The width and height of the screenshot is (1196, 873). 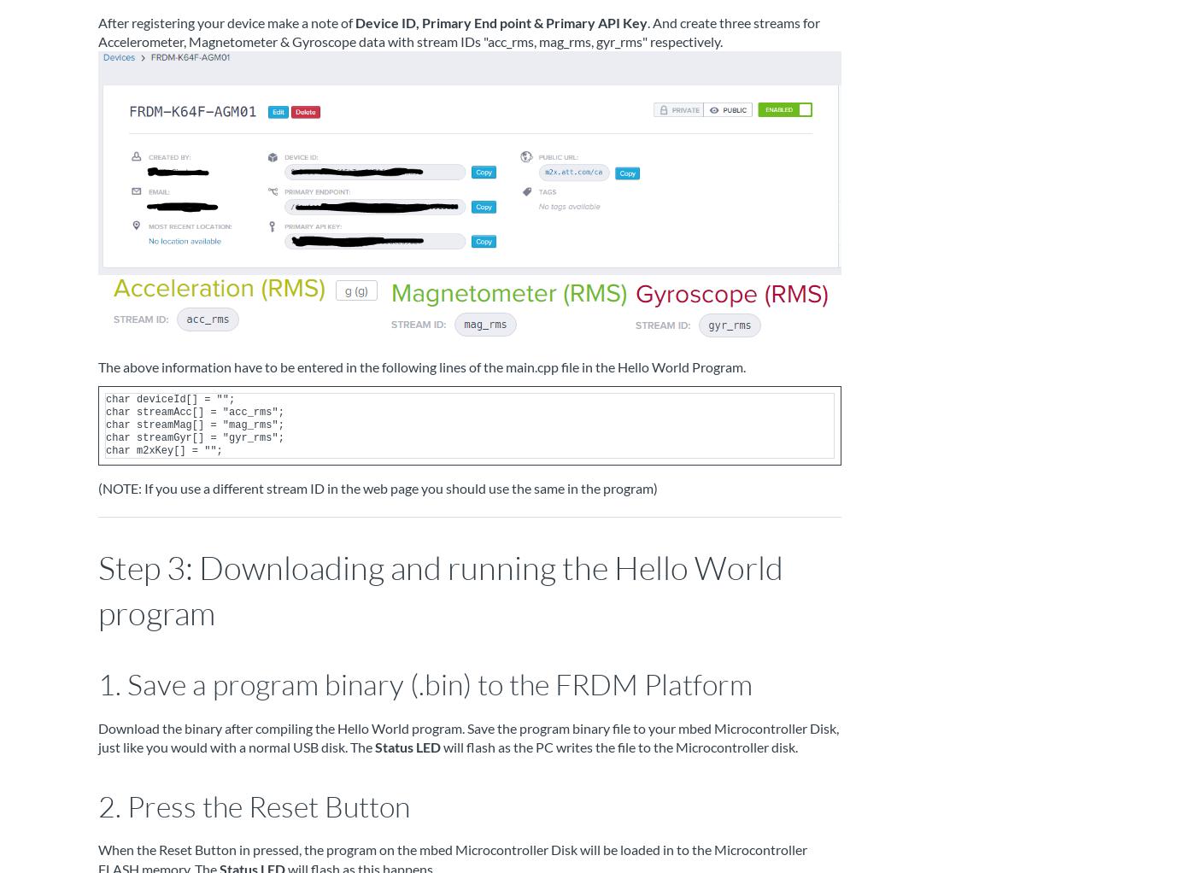 What do you see at coordinates (425, 684) in the screenshot?
I see `'1. Save a program binary (.bin) to the FRDM Platform'` at bounding box center [425, 684].